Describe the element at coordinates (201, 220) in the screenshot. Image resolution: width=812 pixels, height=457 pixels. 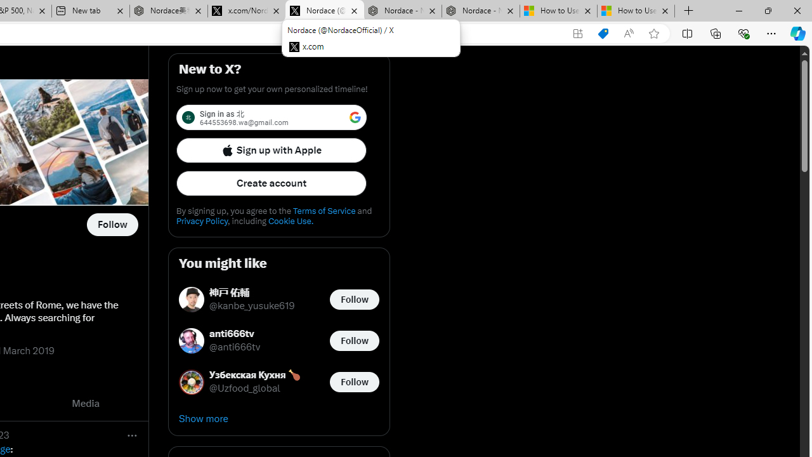
I see `'Privacy Policy'` at that location.